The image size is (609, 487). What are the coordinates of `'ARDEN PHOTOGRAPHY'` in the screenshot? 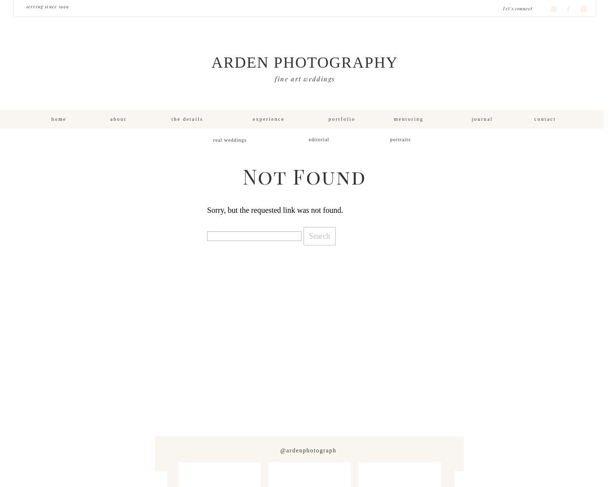 It's located at (304, 62).